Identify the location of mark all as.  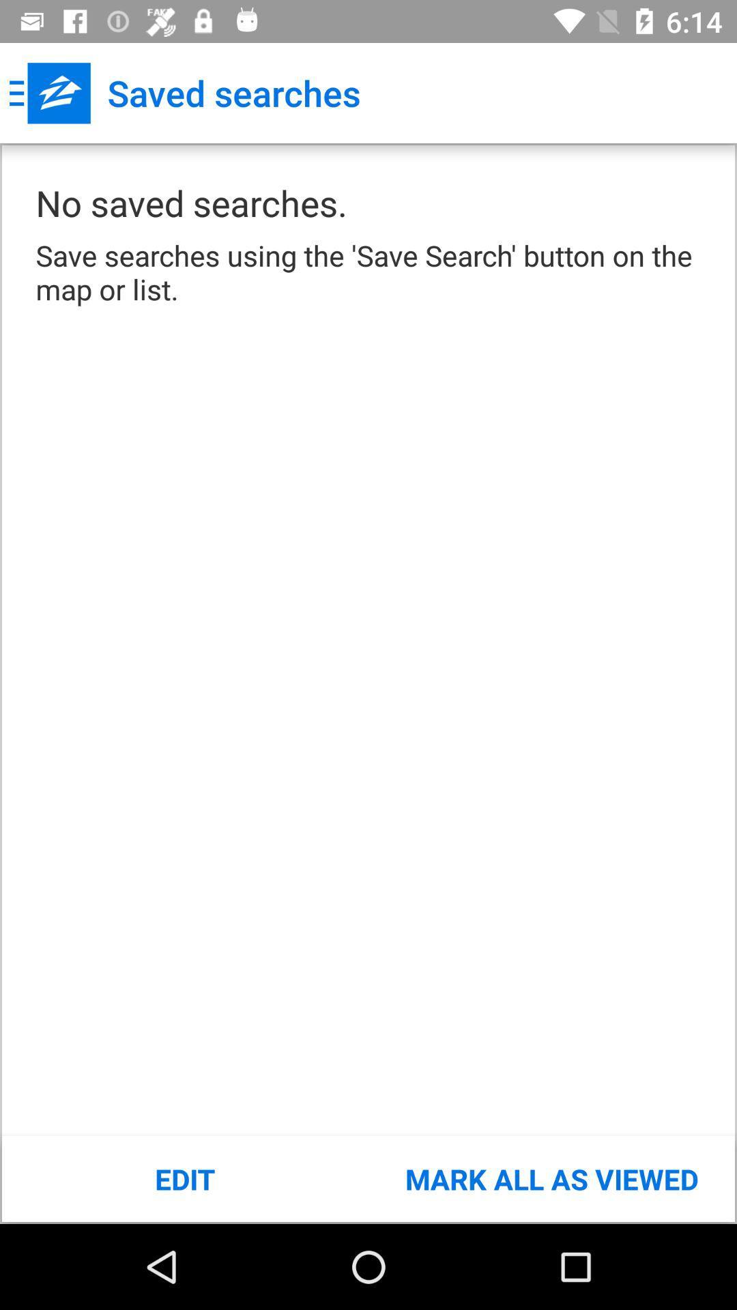
(551, 1178).